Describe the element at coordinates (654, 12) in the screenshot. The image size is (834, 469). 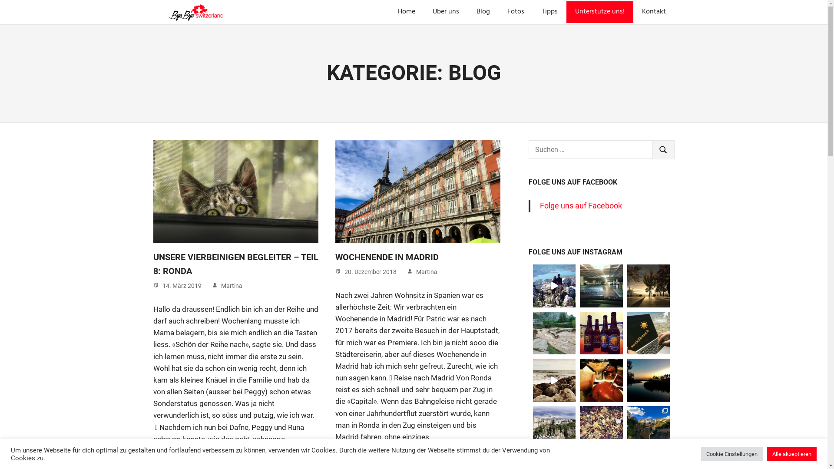
I see `'Kontakt'` at that location.